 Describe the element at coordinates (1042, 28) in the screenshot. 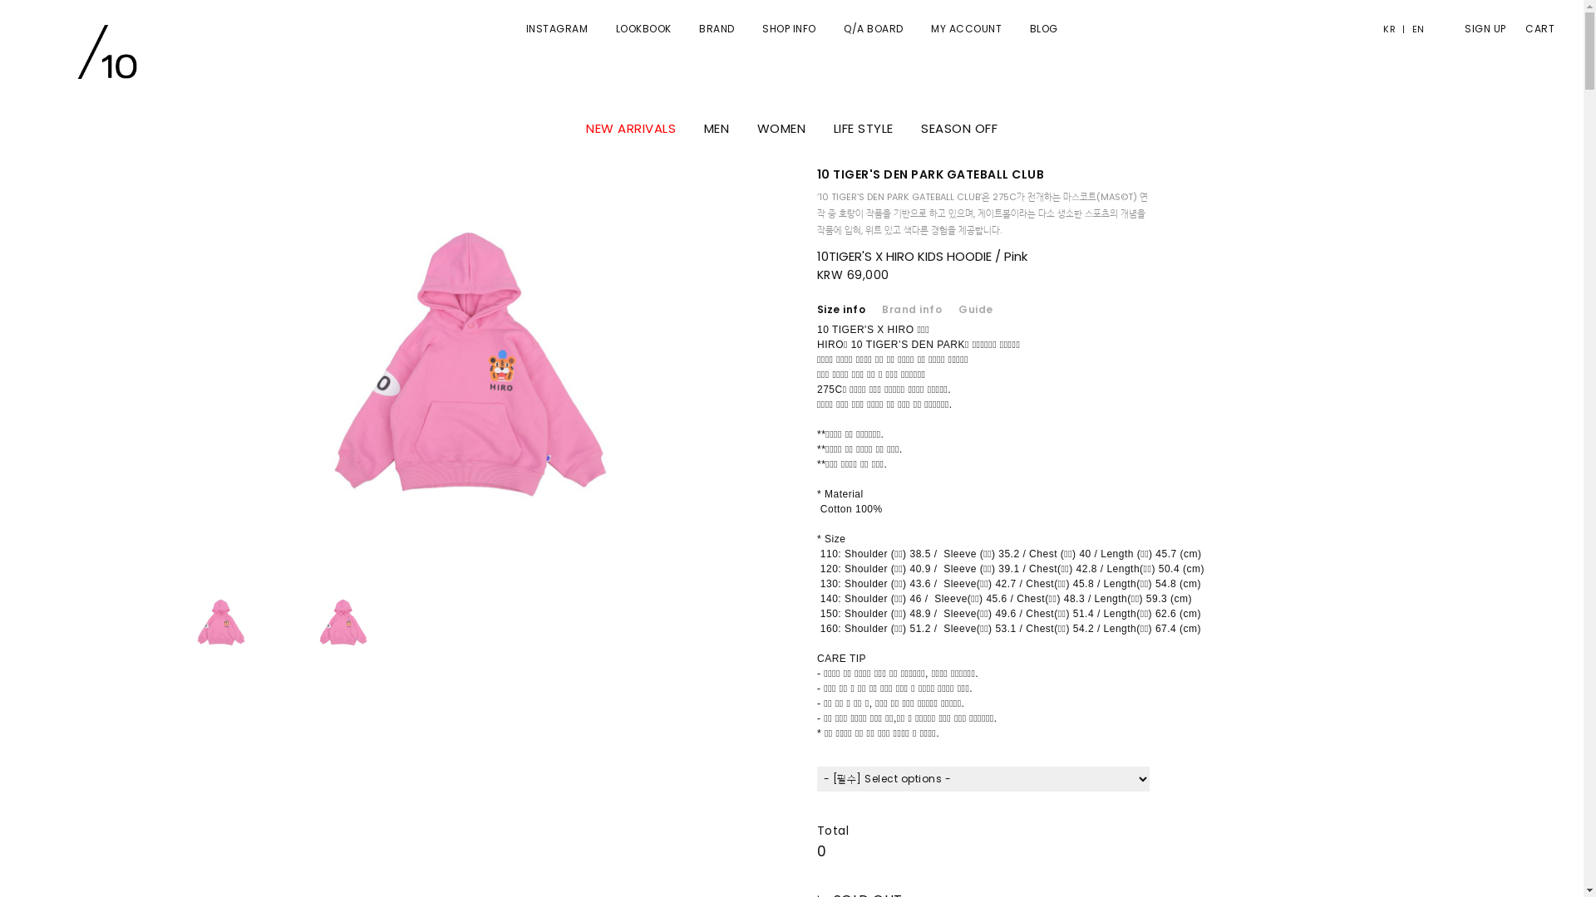

I see `'BLOG'` at that location.